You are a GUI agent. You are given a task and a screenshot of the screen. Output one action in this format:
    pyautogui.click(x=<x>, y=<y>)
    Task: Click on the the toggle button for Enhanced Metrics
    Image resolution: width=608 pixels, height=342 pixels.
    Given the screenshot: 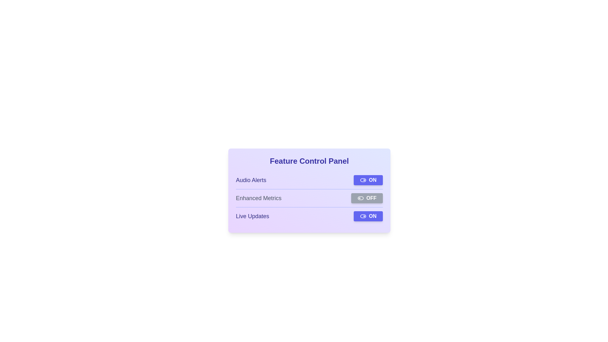 What is the action you would take?
    pyautogui.click(x=367, y=198)
    